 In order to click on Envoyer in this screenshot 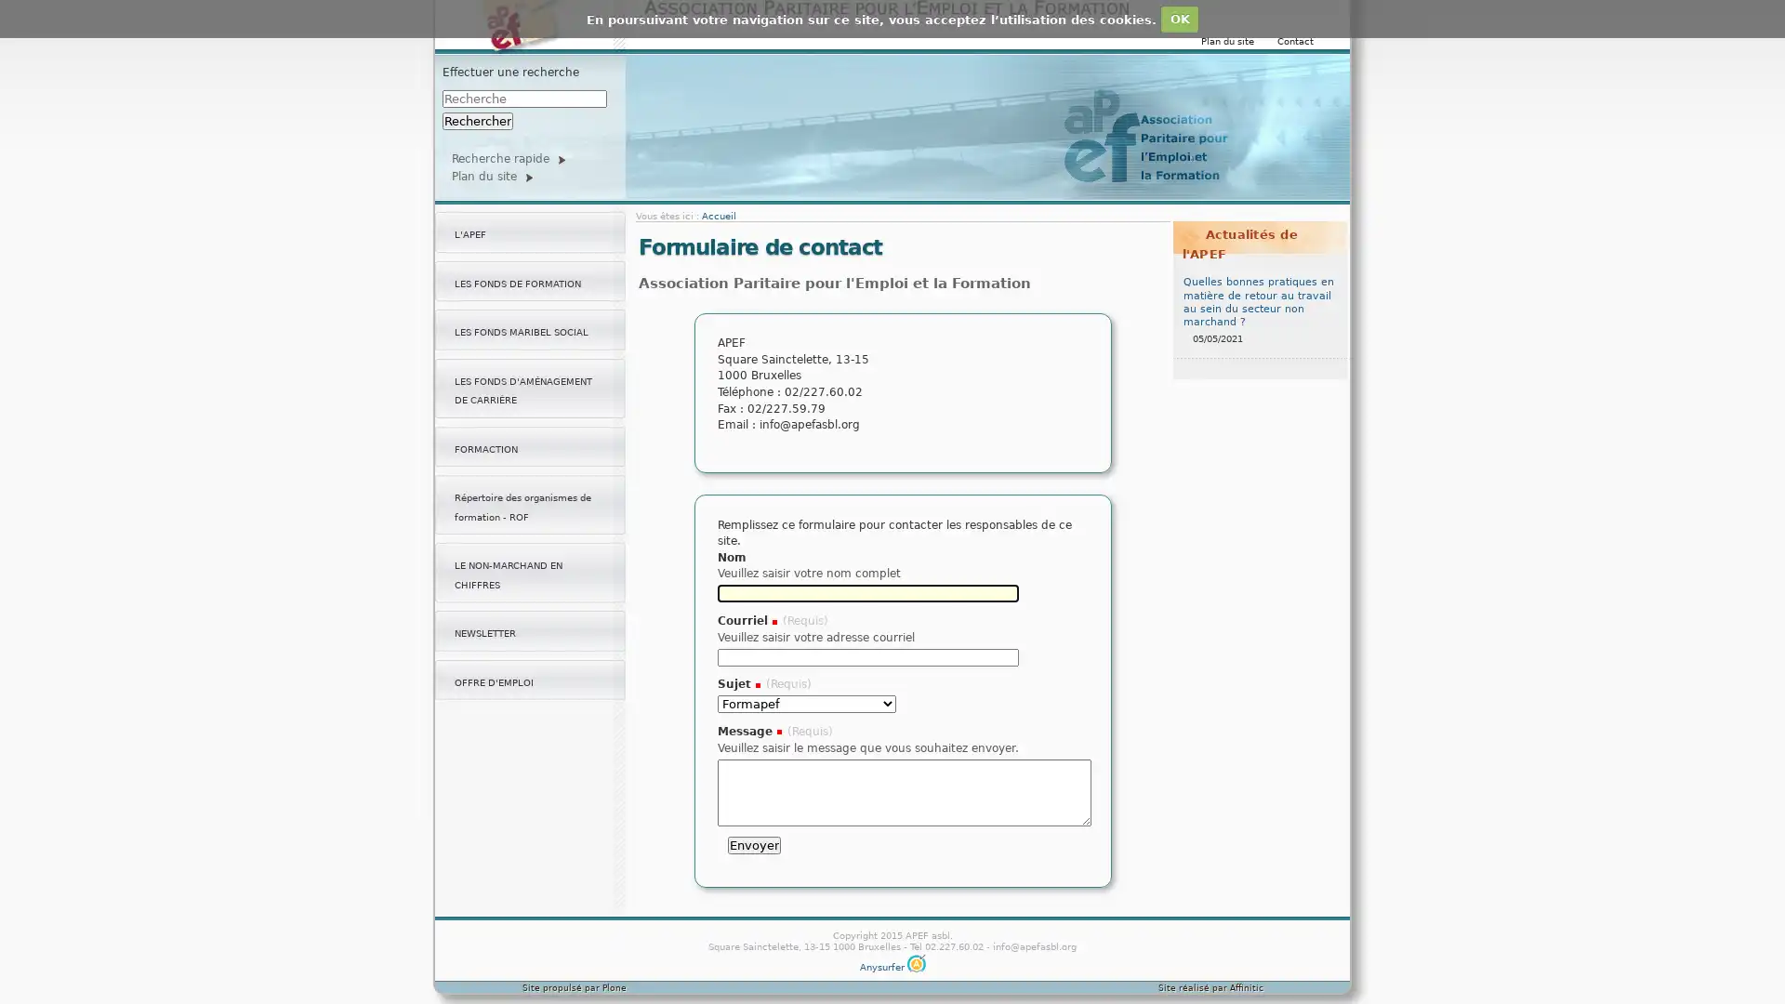, I will do `click(754, 845)`.